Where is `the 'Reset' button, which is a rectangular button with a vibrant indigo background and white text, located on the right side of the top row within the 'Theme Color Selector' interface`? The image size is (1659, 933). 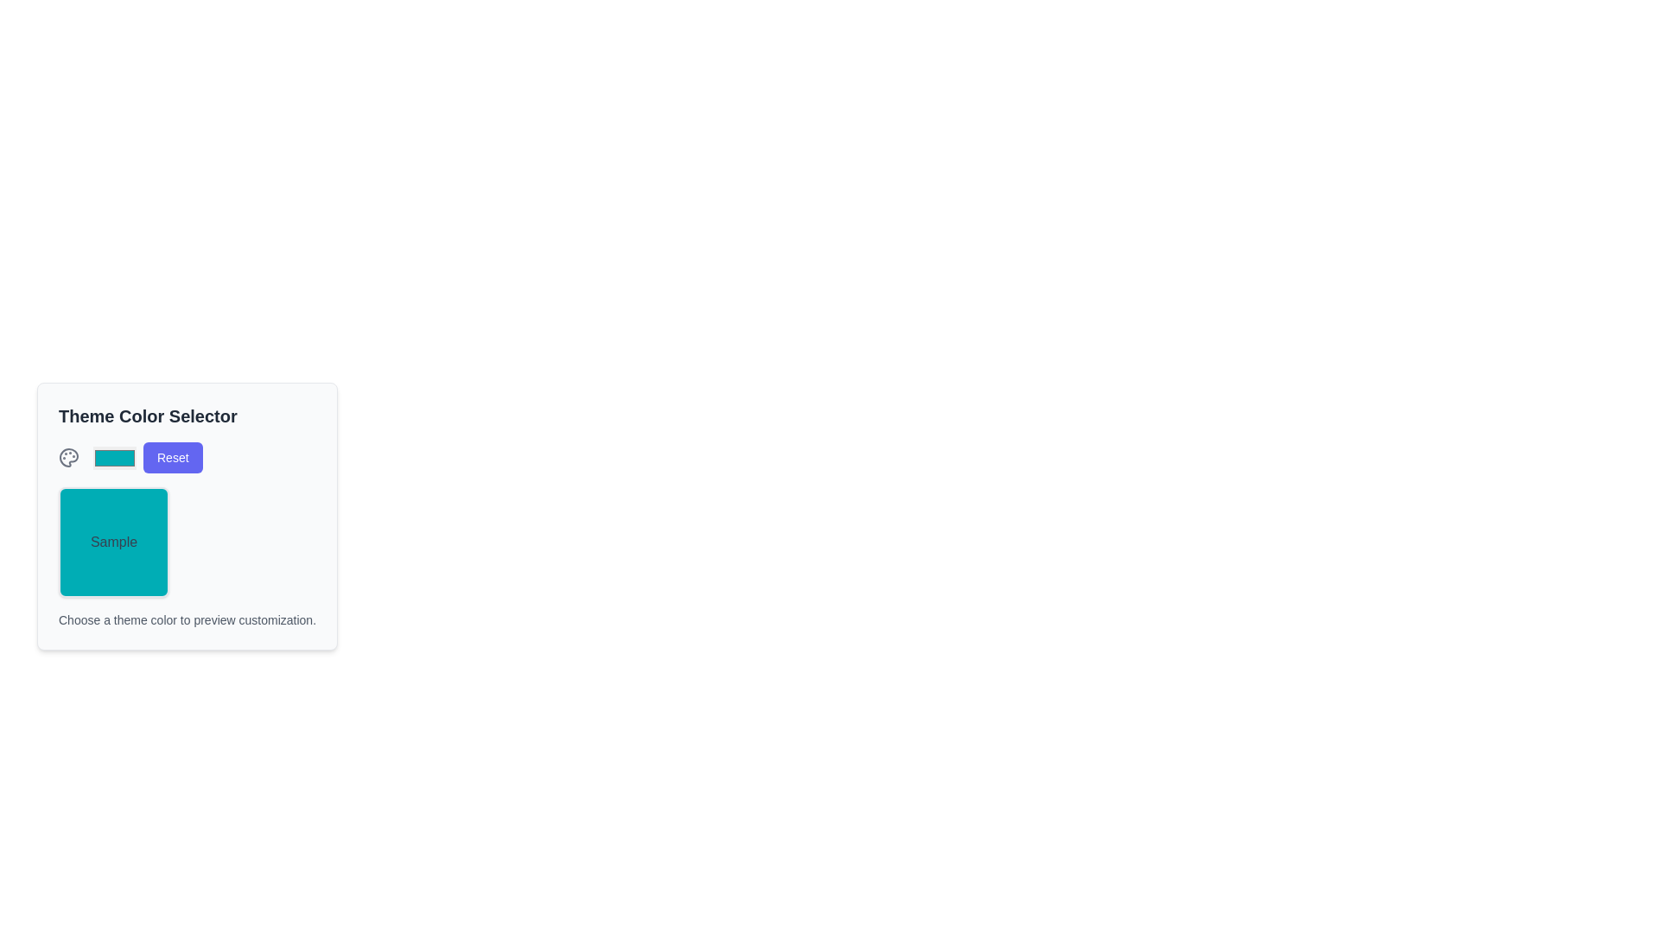
the 'Reset' button, which is a rectangular button with a vibrant indigo background and white text, located on the right side of the top row within the 'Theme Color Selector' interface is located at coordinates (173, 456).